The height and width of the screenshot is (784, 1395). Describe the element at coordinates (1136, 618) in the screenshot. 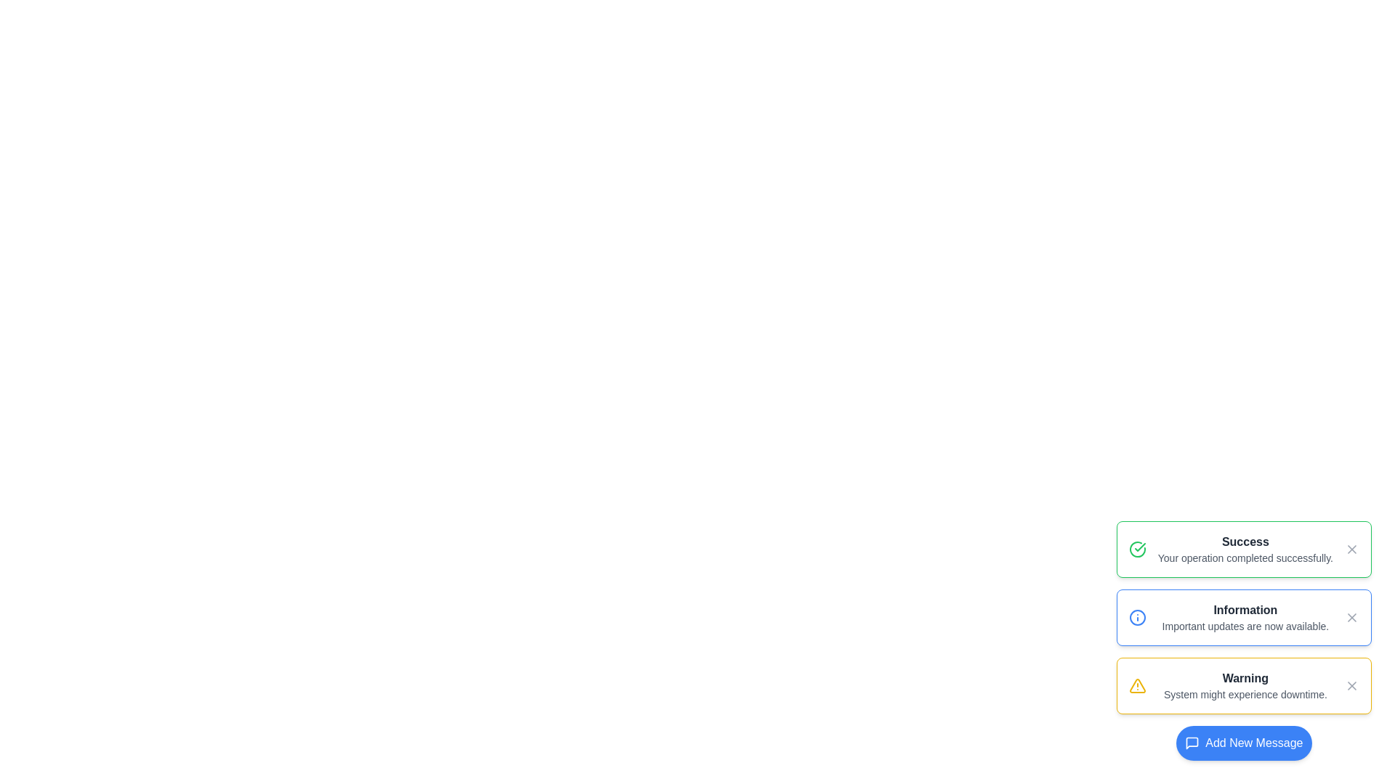

I see `the information icon located in the second notification card titled 'Information' on the right side of the interface` at that location.